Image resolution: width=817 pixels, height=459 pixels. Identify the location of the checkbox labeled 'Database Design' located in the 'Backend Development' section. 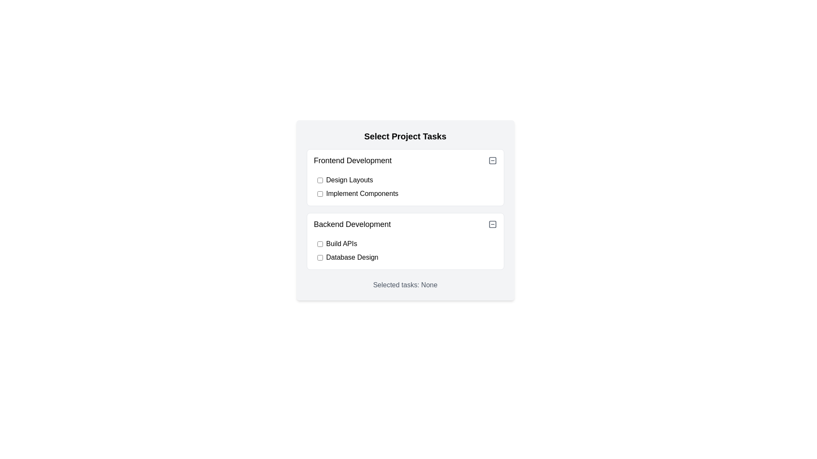
(410, 257).